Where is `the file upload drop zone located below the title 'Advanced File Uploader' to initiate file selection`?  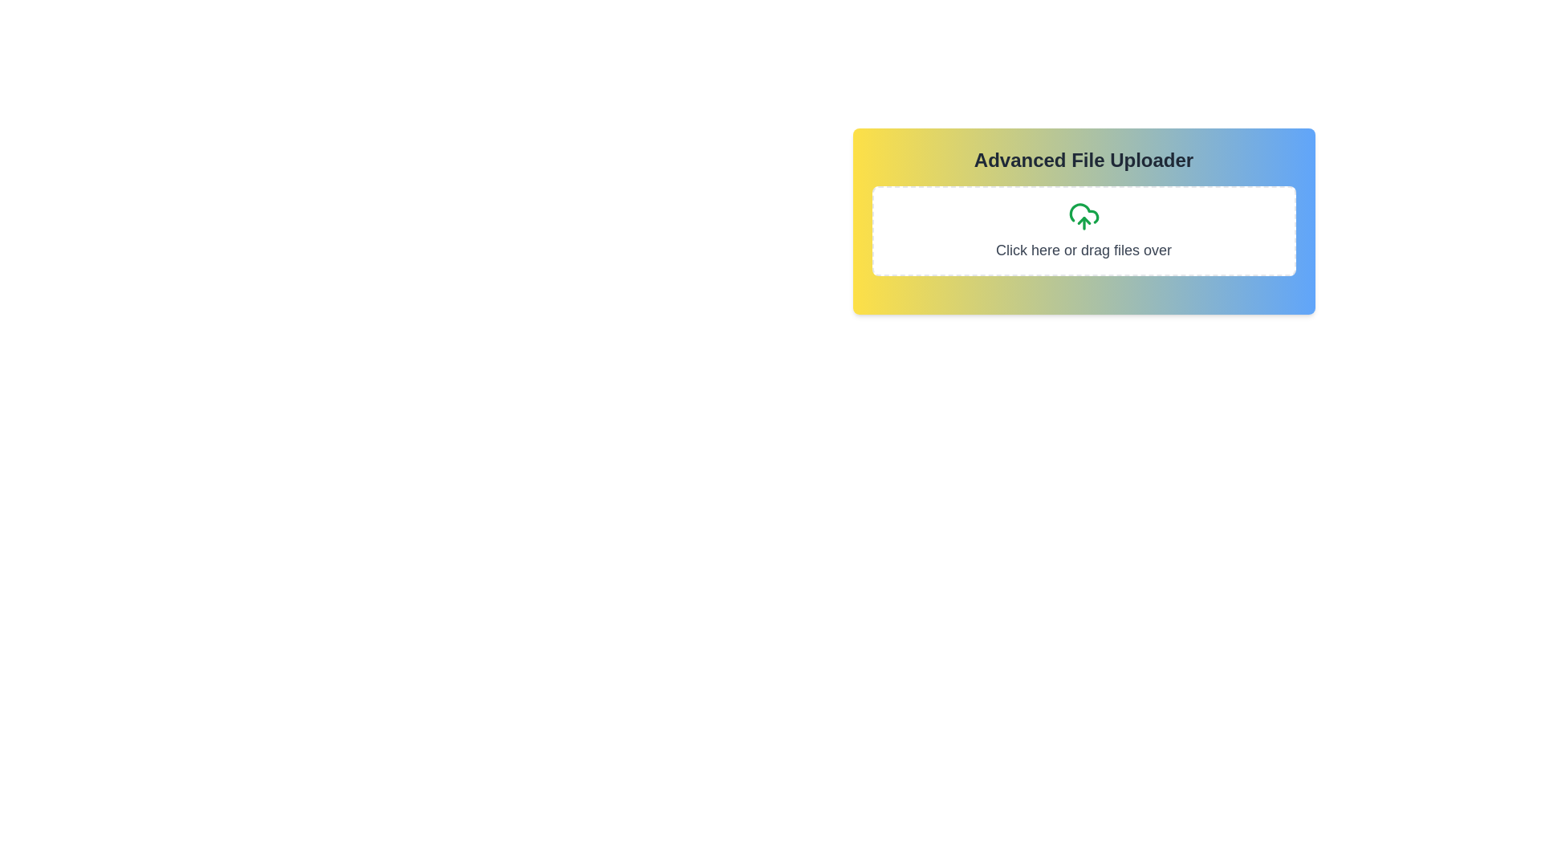 the file upload drop zone located below the title 'Advanced File Uploader' to initiate file selection is located at coordinates (1084, 231).